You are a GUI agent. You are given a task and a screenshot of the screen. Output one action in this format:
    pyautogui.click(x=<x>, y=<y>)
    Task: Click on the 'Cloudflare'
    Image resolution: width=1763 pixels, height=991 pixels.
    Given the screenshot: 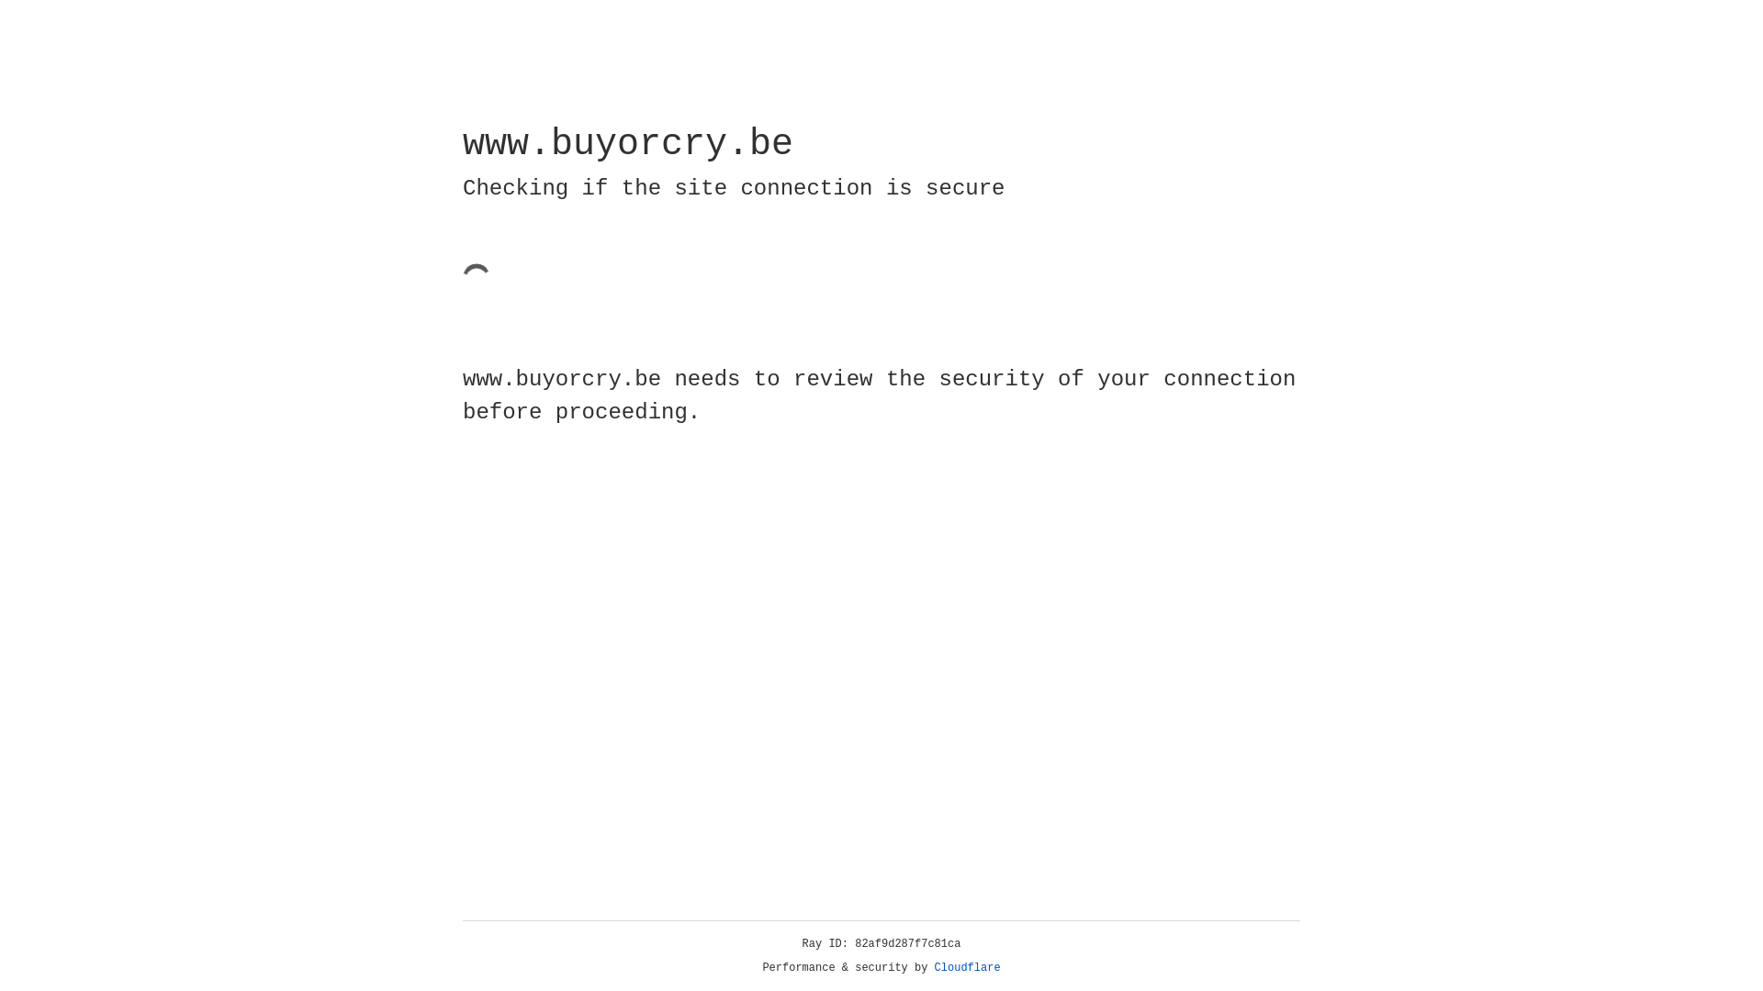 What is the action you would take?
    pyautogui.click(x=967, y=967)
    